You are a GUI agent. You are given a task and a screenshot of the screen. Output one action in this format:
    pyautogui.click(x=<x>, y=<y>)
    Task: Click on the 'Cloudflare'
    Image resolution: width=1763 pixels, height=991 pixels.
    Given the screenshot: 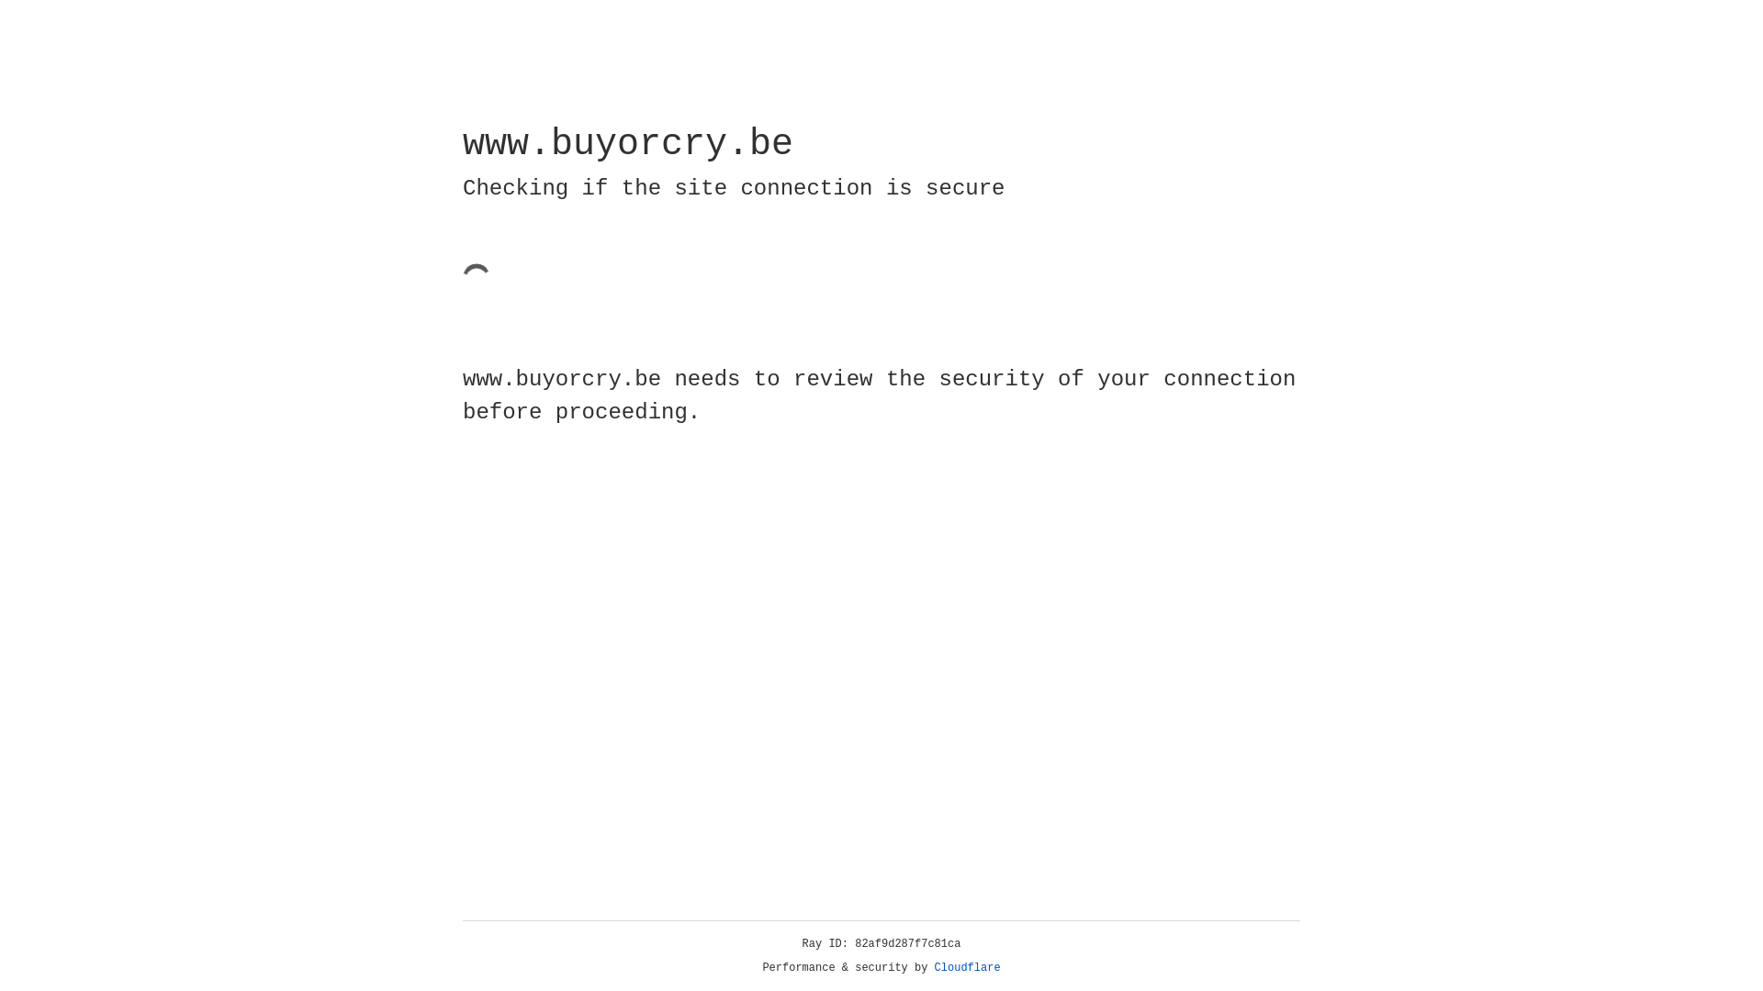 What is the action you would take?
    pyautogui.click(x=967, y=967)
    